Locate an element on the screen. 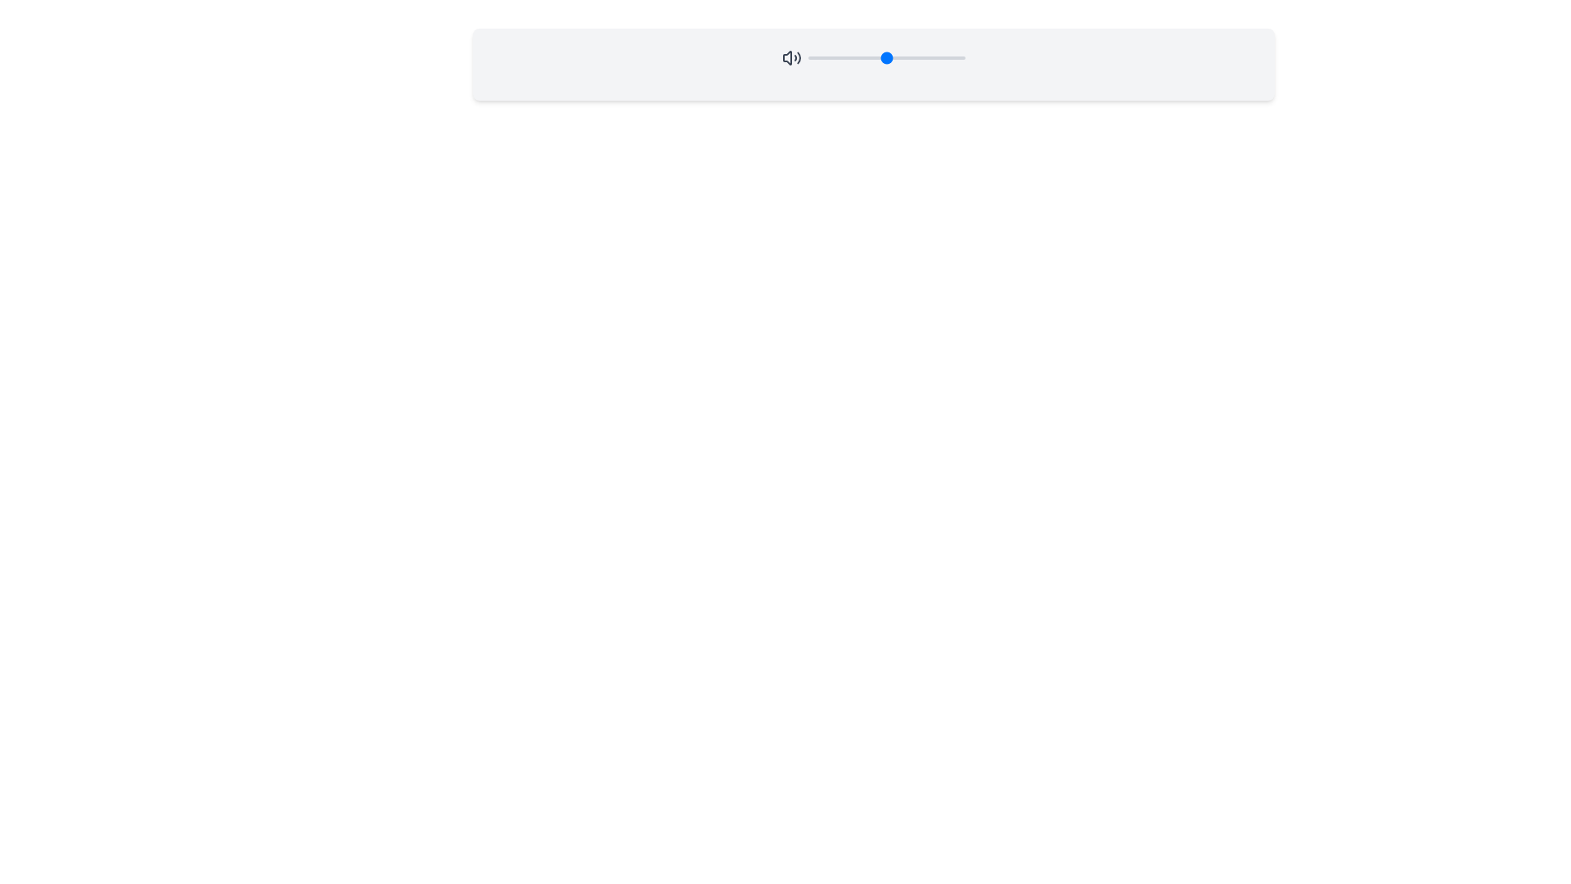 This screenshot has width=1571, height=884. the slider is located at coordinates (927, 56).